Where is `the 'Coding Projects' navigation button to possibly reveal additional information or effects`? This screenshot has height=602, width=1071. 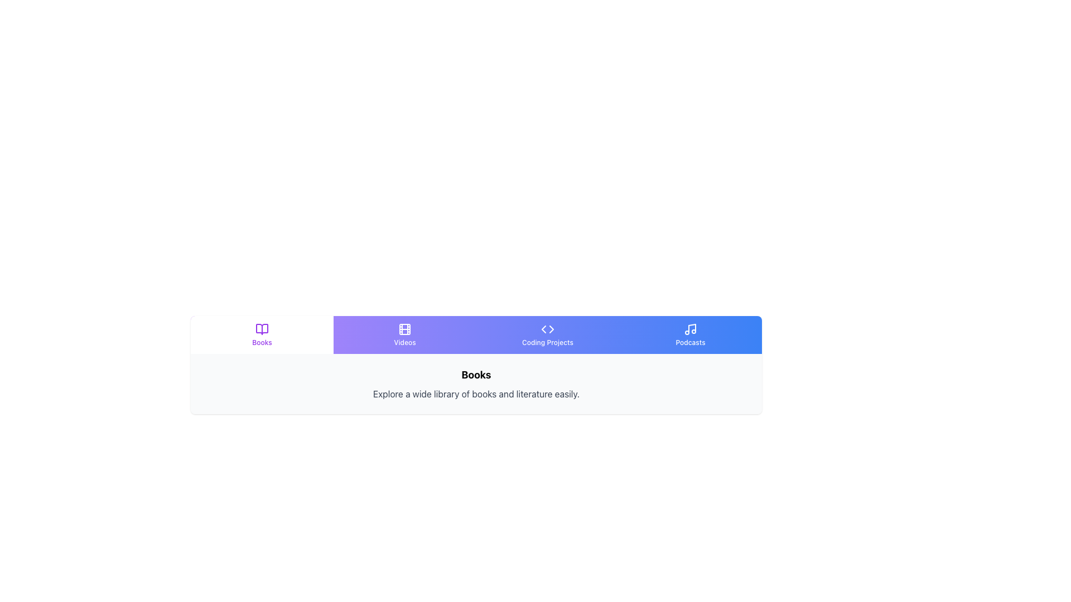 the 'Coding Projects' navigation button to possibly reveal additional information or effects is located at coordinates (548, 334).